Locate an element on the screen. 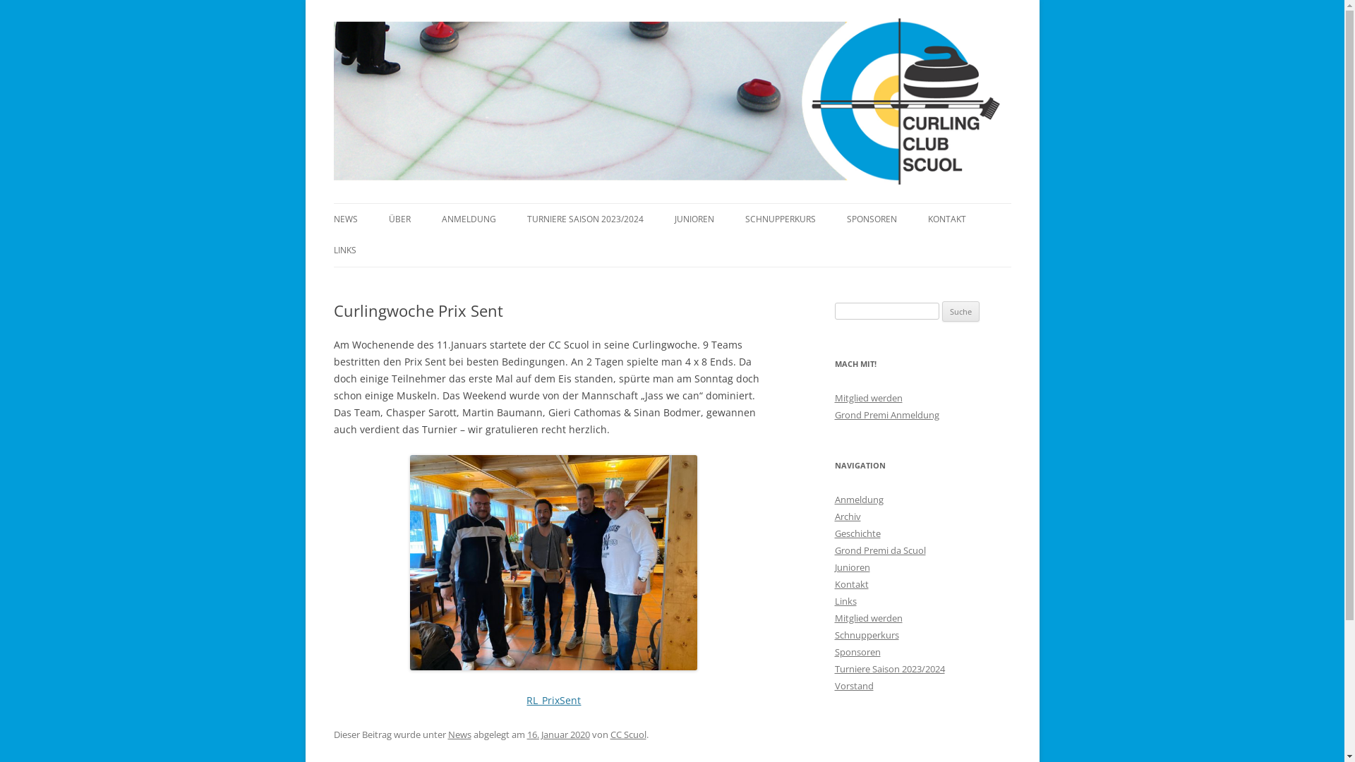 This screenshot has height=762, width=1355. 'Grond Premi Anmeldung' is located at coordinates (886, 413).